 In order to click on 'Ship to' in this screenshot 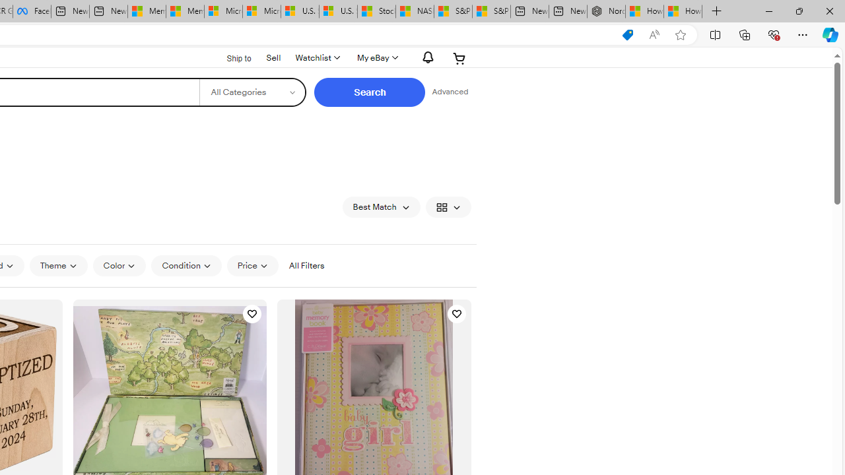, I will do `click(230, 58)`.